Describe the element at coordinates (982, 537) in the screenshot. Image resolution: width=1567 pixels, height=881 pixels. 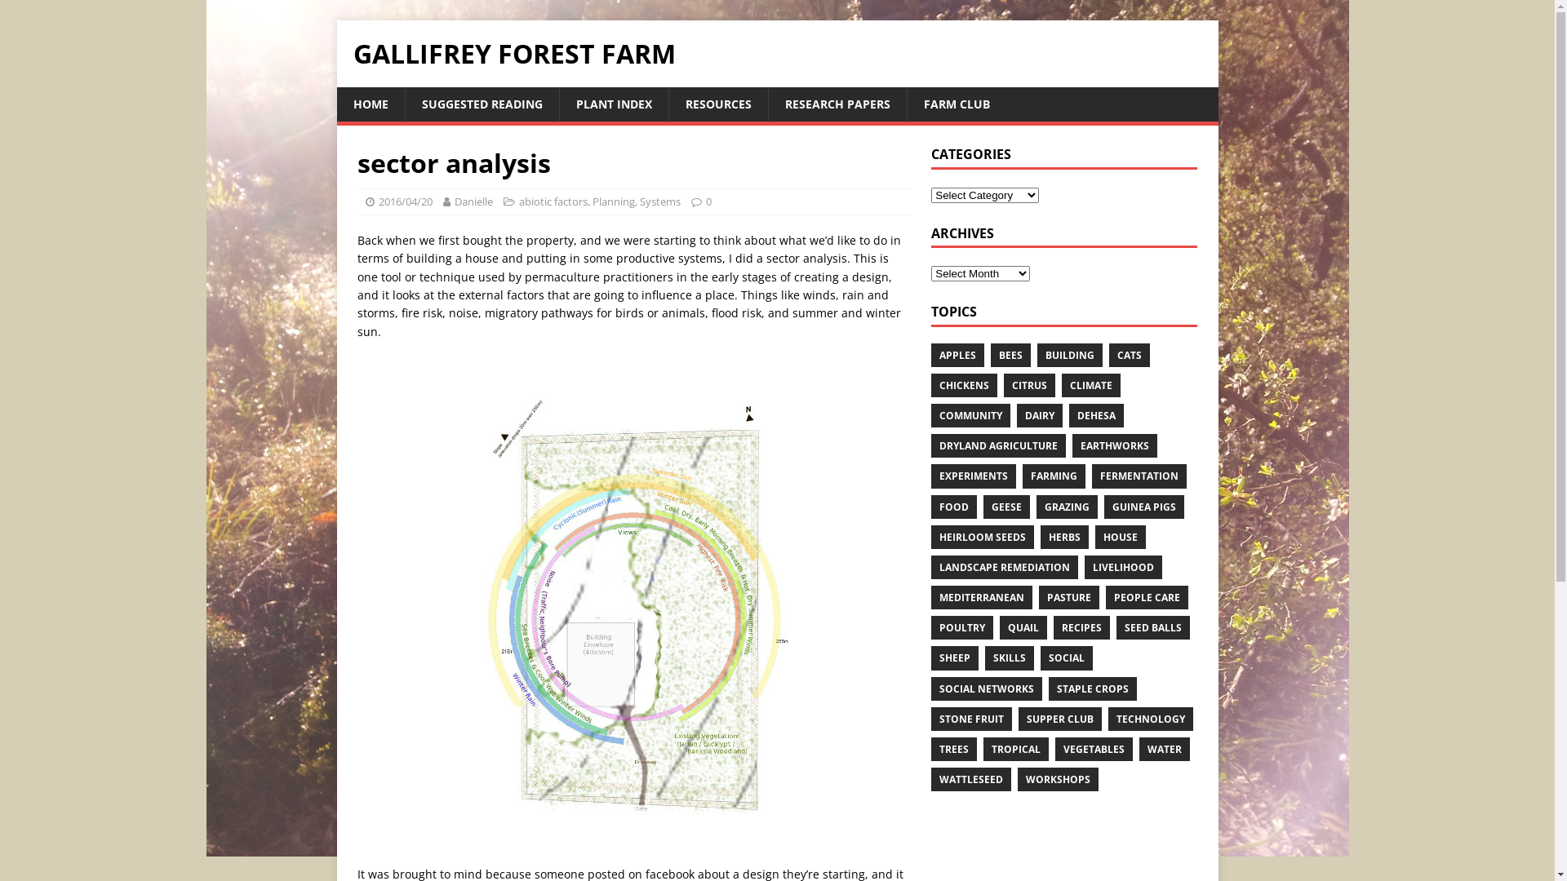
I see `'HEIRLOOM SEEDS'` at that location.